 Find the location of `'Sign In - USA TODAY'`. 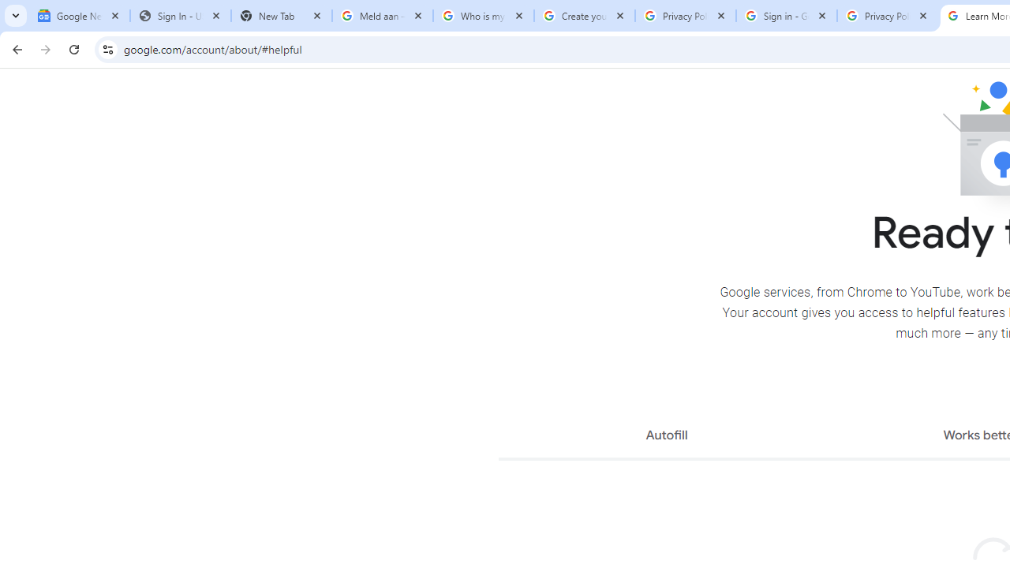

'Sign In - USA TODAY' is located at coordinates (181, 16).